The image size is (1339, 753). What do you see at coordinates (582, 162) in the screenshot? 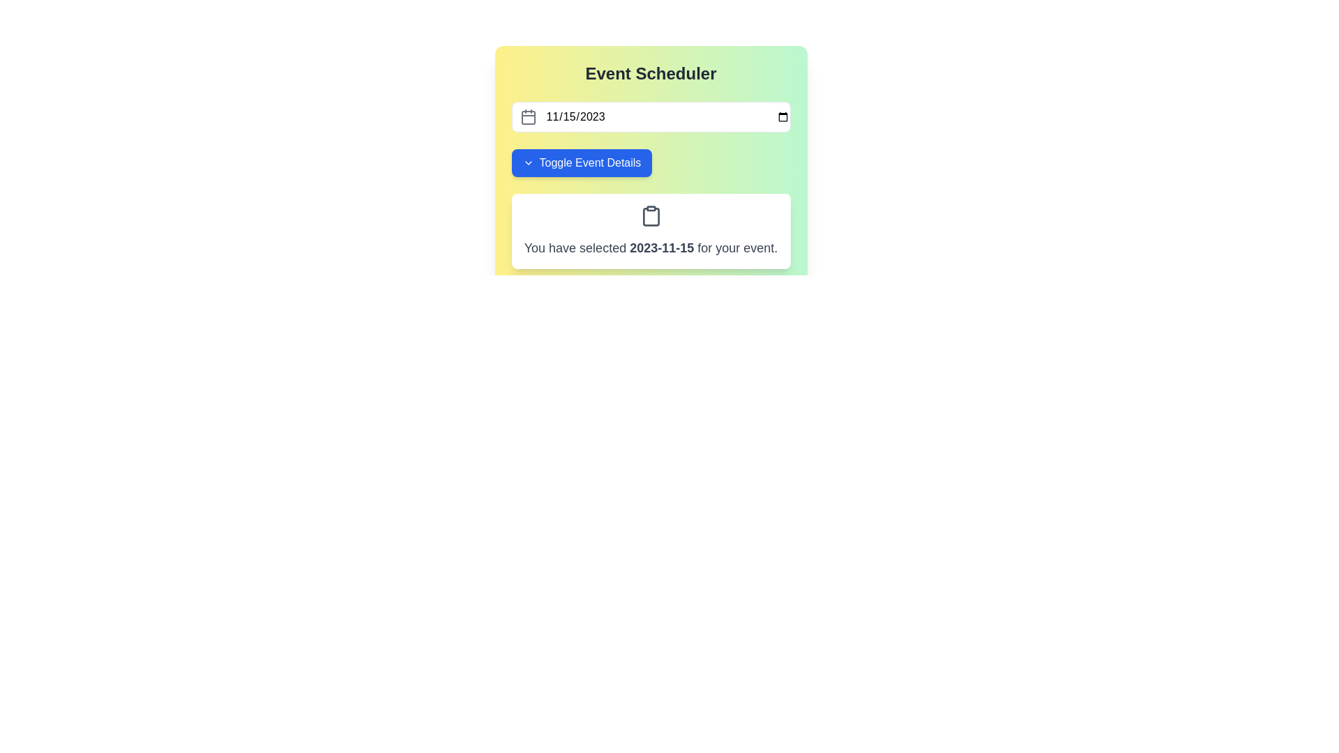
I see `the button below the date picker field in the 'Event Scheduler' card` at bounding box center [582, 162].